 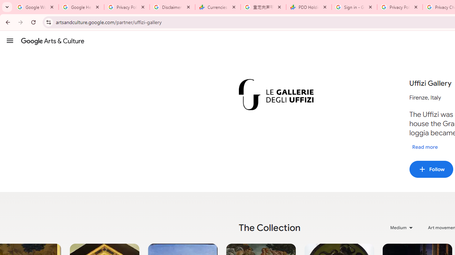 I want to click on 'Sign in - Google Accounts', so click(x=354, y=7).